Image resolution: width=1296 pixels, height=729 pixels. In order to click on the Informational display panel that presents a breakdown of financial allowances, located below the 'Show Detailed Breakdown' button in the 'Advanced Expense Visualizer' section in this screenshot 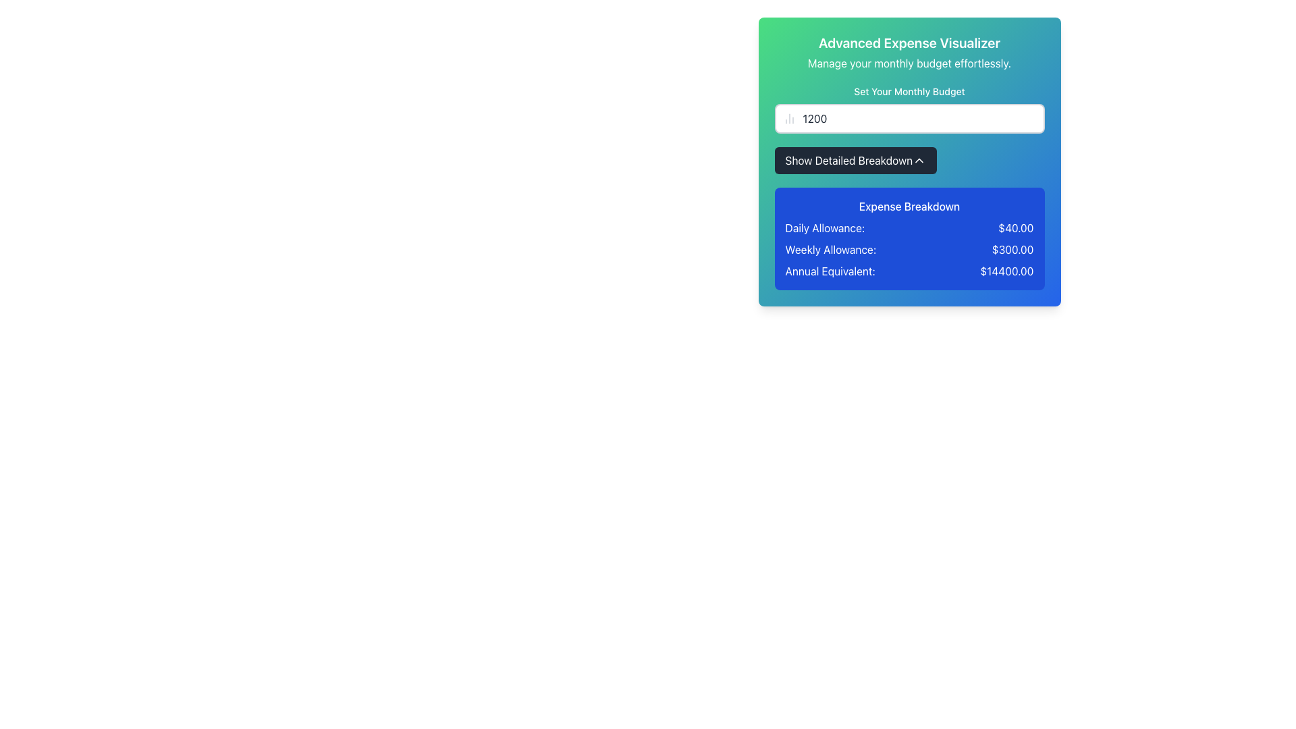, I will do `click(909, 238)`.